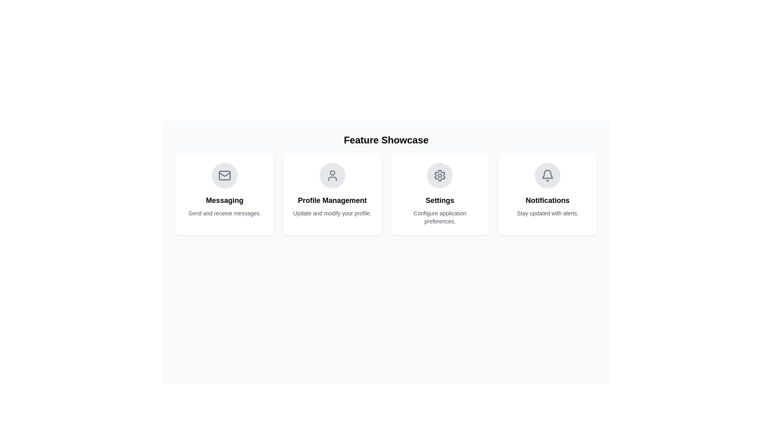 The height and width of the screenshot is (434, 772). I want to click on the user profile icon located in the upper-center of the 'Profile Management' card beneath the 'Feature Showcase' title, so click(332, 172).